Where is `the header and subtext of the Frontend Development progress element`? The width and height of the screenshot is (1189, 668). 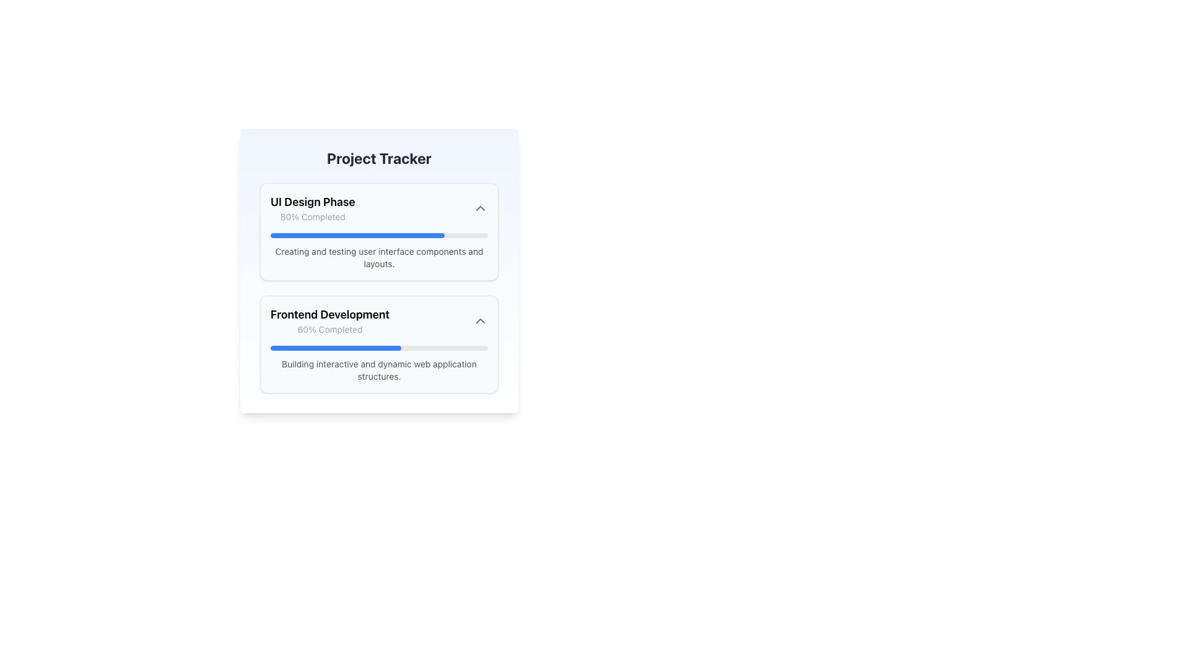
the header and subtext of the Frontend Development progress element is located at coordinates (378, 320).